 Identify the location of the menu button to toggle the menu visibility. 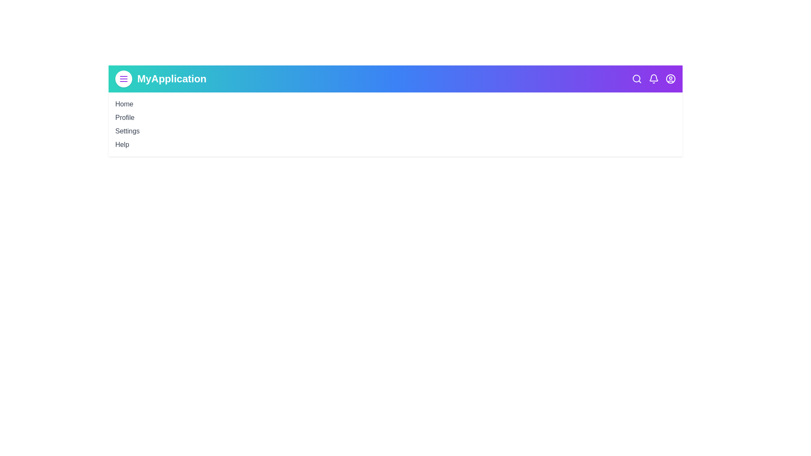
(123, 79).